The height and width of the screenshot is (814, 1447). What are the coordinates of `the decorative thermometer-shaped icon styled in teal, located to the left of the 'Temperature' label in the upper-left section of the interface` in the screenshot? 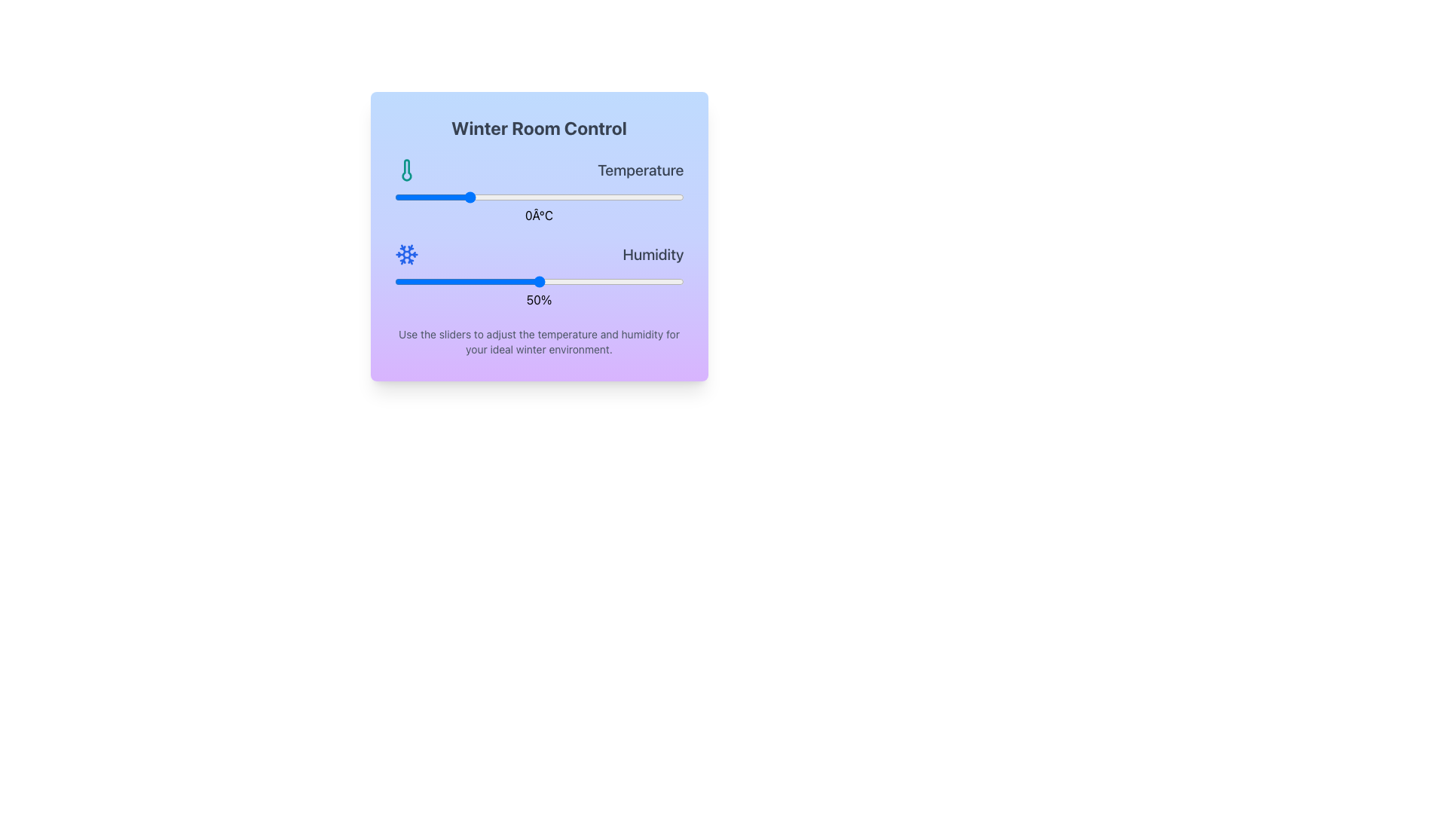 It's located at (406, 170).